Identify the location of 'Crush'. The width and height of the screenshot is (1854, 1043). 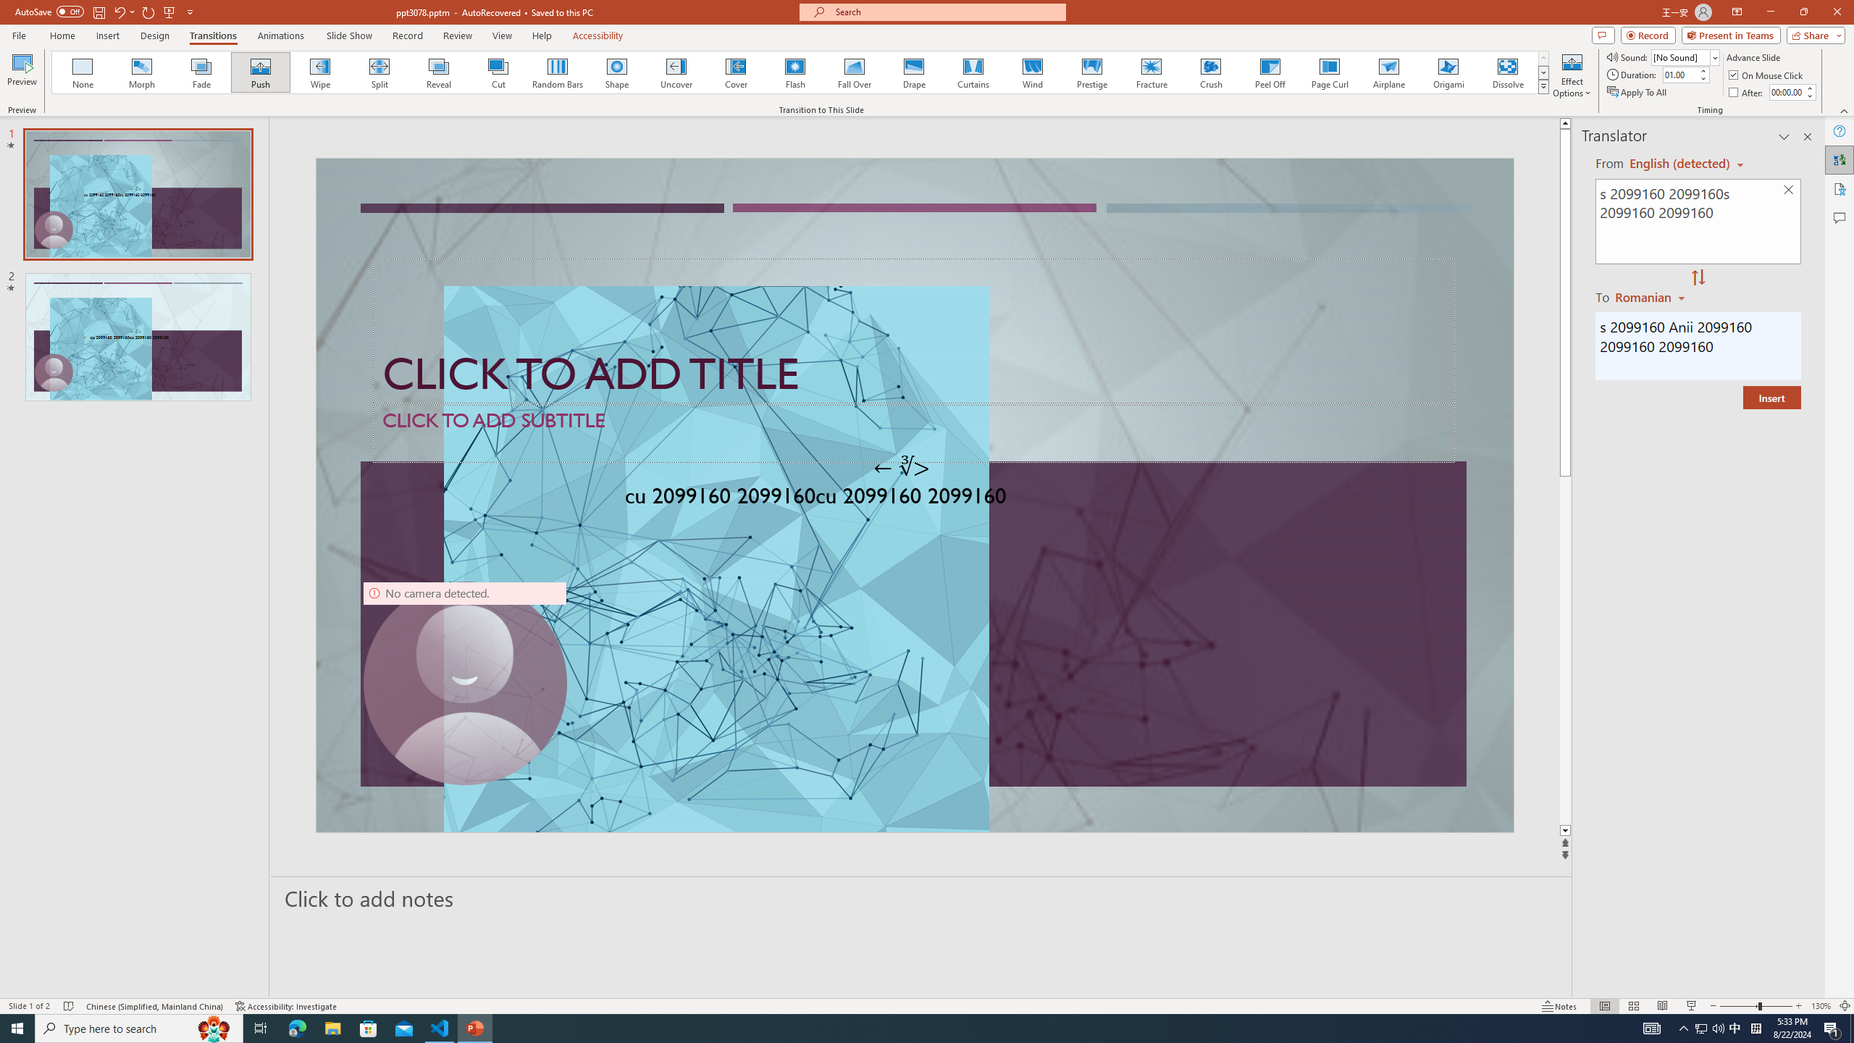
(1210, 72).